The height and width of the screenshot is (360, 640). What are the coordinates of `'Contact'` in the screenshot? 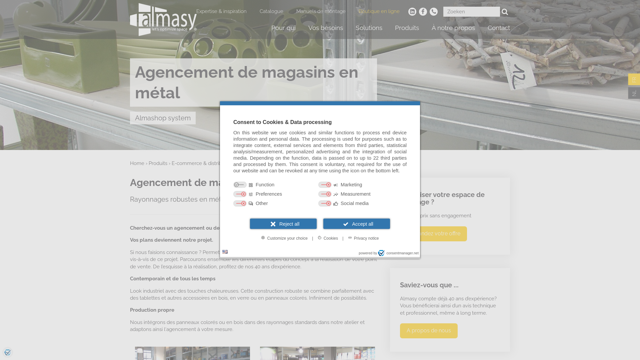 It's located at (499, 27).